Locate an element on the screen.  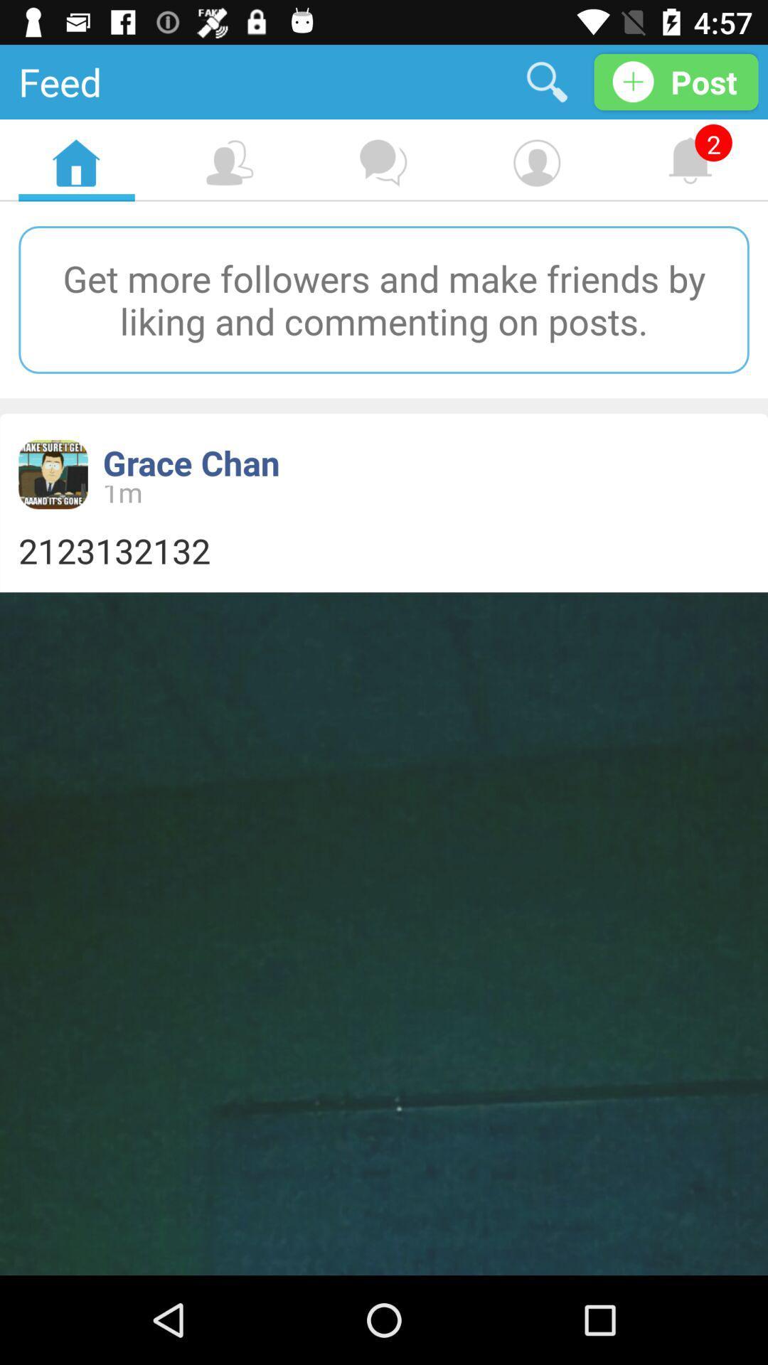
the post is located at coordinates (676, 81).